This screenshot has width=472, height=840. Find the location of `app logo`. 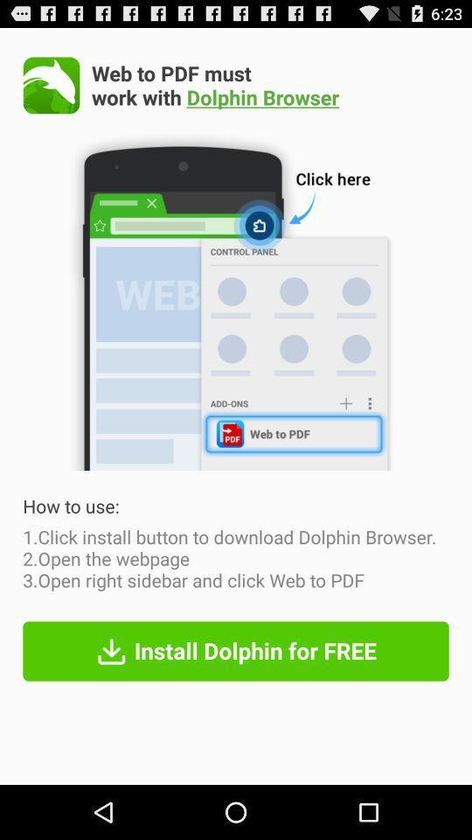

app logo is located at coordinates (52, 85).